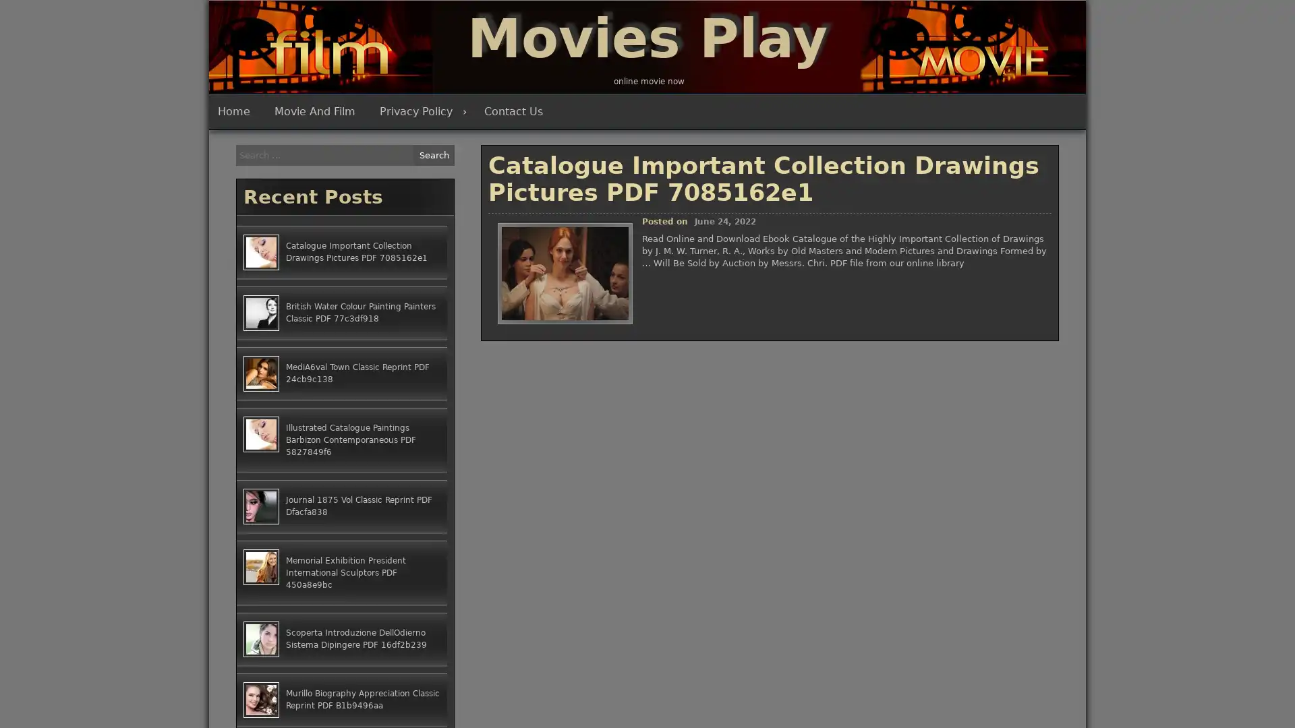  What do you see at coordinates (434, 154) in the screenshot?
I see `Search` at bounding box center [434, 154].